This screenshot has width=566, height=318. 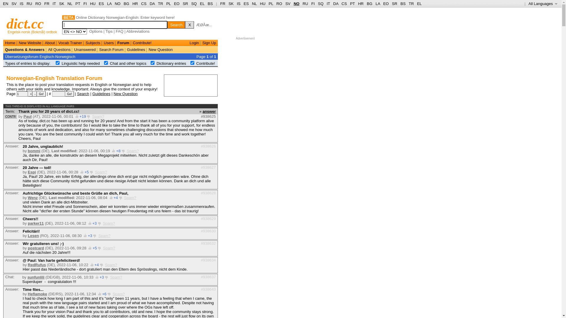 What do you see at coordinates (254, 4) in the screenshot?
I see `'NL'` at bounding box center [254, 4].